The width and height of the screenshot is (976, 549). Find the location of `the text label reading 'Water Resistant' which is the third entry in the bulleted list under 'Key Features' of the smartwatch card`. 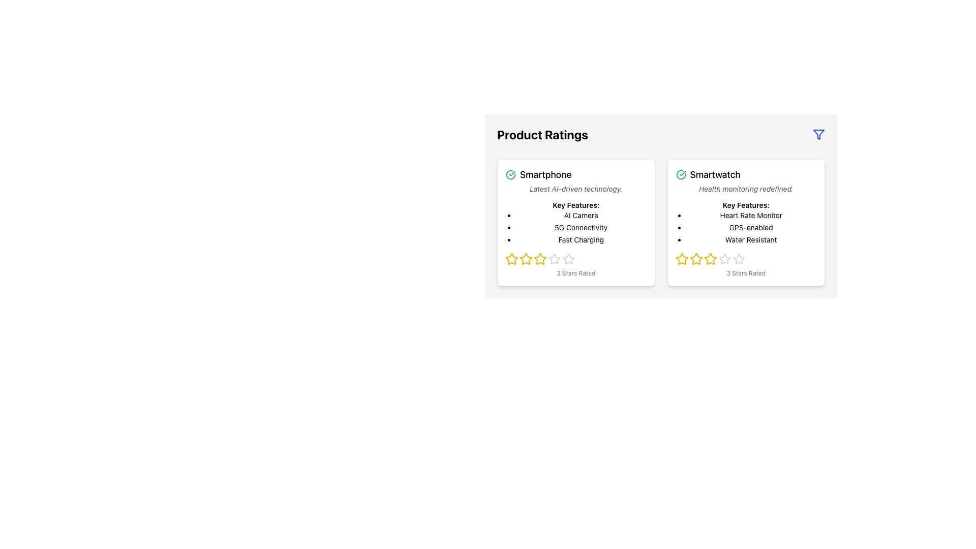

the text label reading 'Water Resistant' which is the third entry in the bulleted list under 'Key Features' of the smartwatch card is located at coordinates (751, 239).